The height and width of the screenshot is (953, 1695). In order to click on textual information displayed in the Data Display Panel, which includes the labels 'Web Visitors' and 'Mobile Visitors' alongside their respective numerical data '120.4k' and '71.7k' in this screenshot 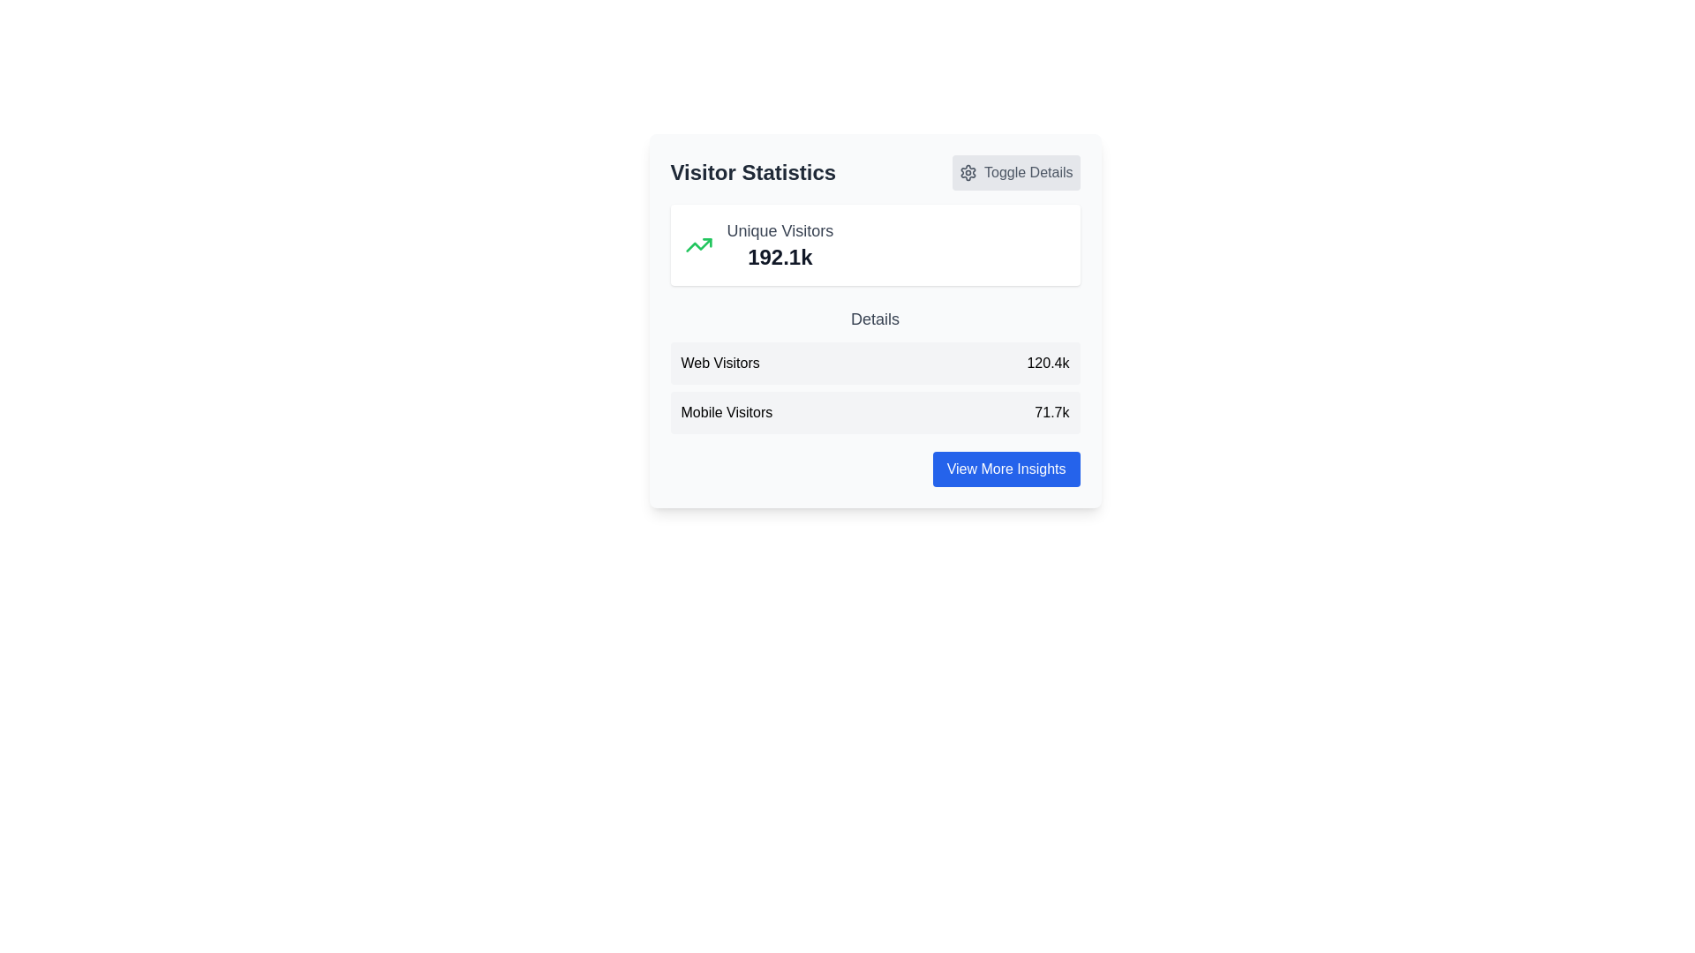, I will do `click(875, 386)`.